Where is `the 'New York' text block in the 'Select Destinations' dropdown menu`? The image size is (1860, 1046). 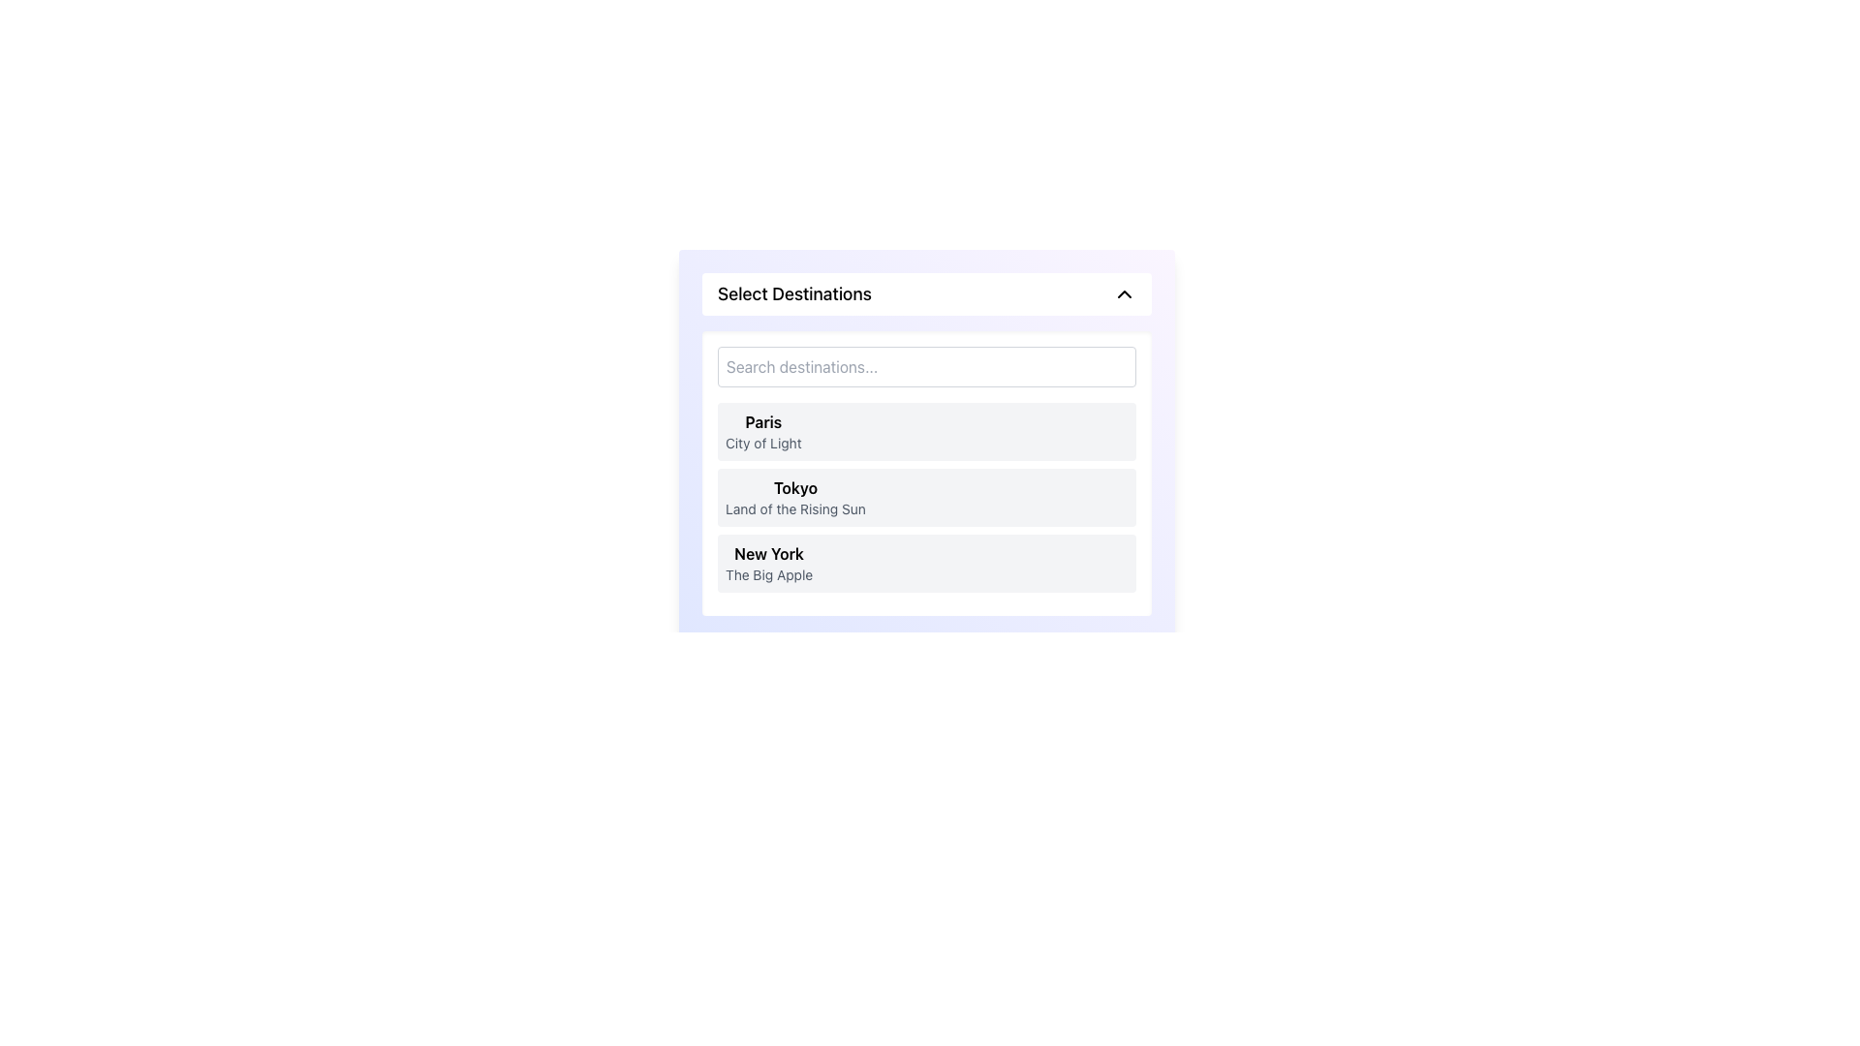
the 'New York' text block in the 'Select Destinations' dropdown menu is located at coordinates (768, 564).